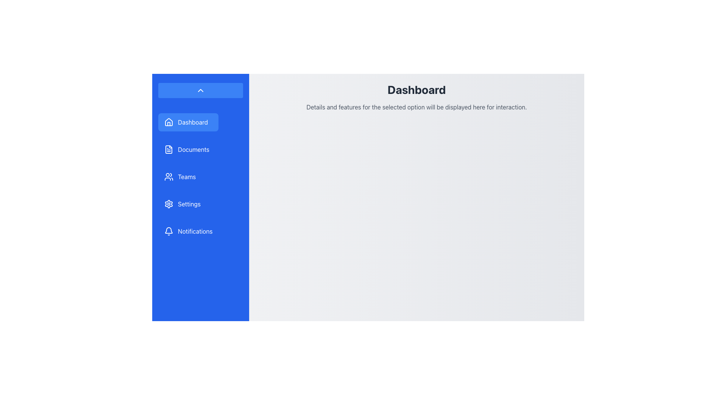 The image size is (727, 409). Describe the element at coordinates (168, 149) in the screenshot. I see `the 'Documents' icon in the vertical navigation panel, which resembles a document or file with text lines and a folded corner` at that location.